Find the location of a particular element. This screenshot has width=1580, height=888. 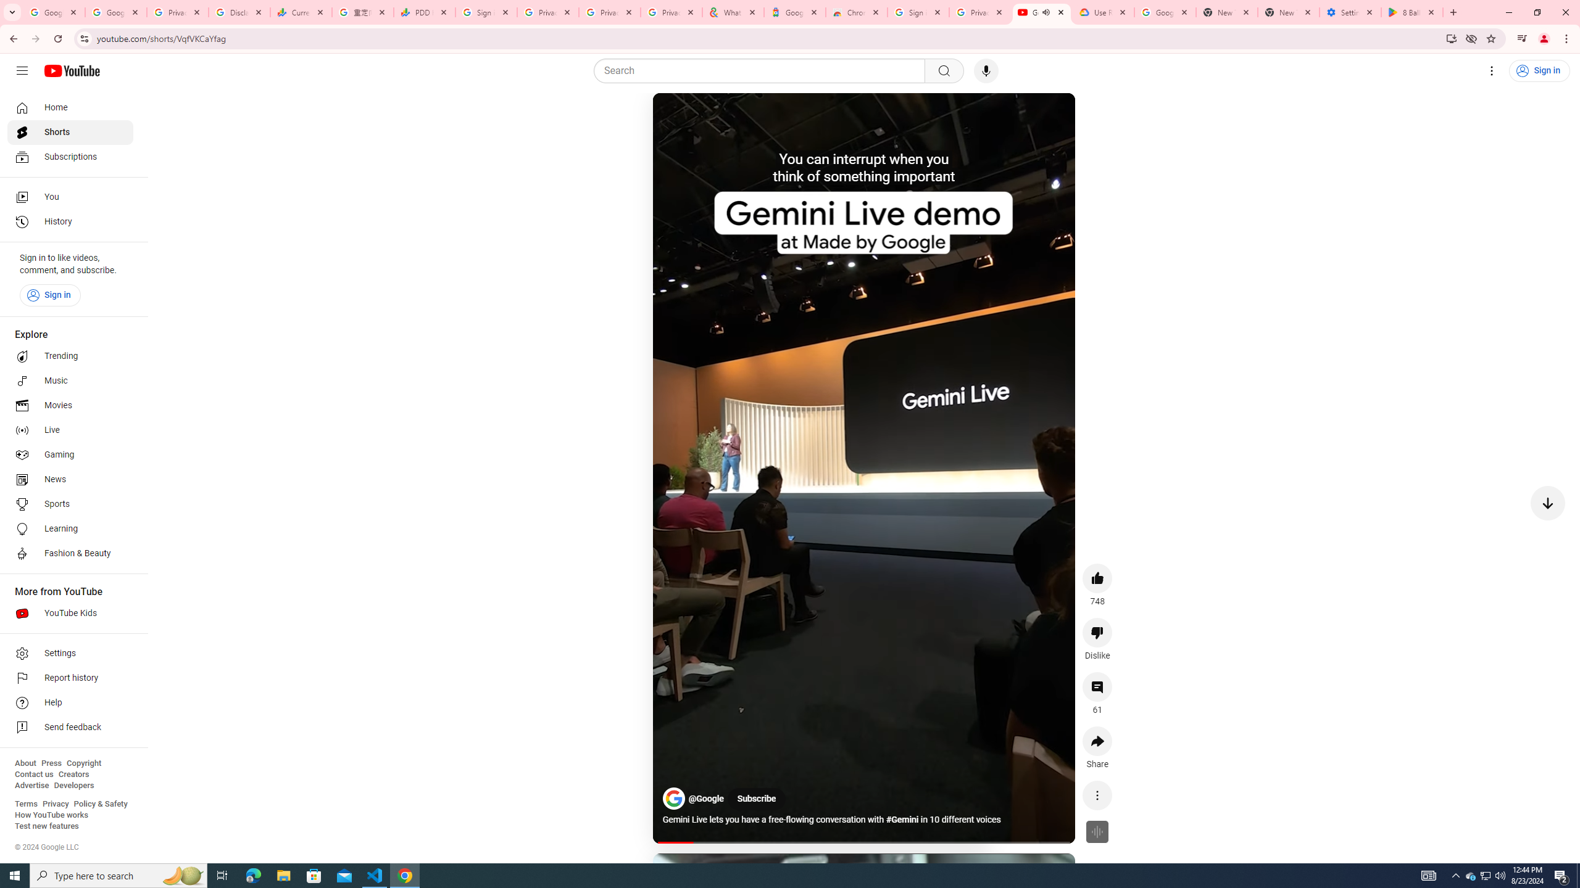

'History' is located at coordinates (70, 222).